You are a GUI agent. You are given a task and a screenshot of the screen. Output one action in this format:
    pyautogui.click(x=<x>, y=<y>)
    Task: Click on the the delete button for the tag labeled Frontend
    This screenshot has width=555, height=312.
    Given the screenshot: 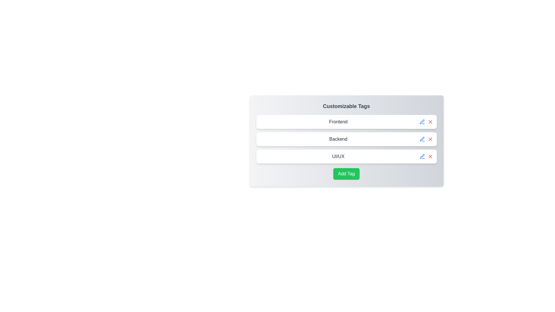 What is the action you would take?
    pyautogui.click(x=430, y=121)
    